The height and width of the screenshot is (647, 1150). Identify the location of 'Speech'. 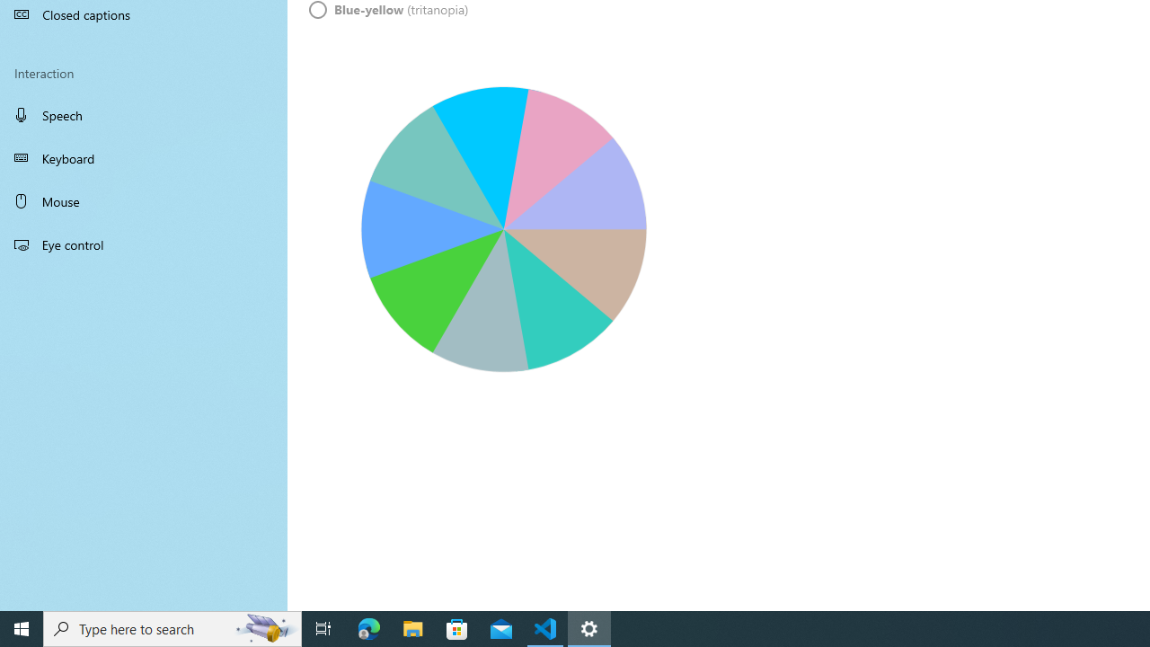
(144, 114).